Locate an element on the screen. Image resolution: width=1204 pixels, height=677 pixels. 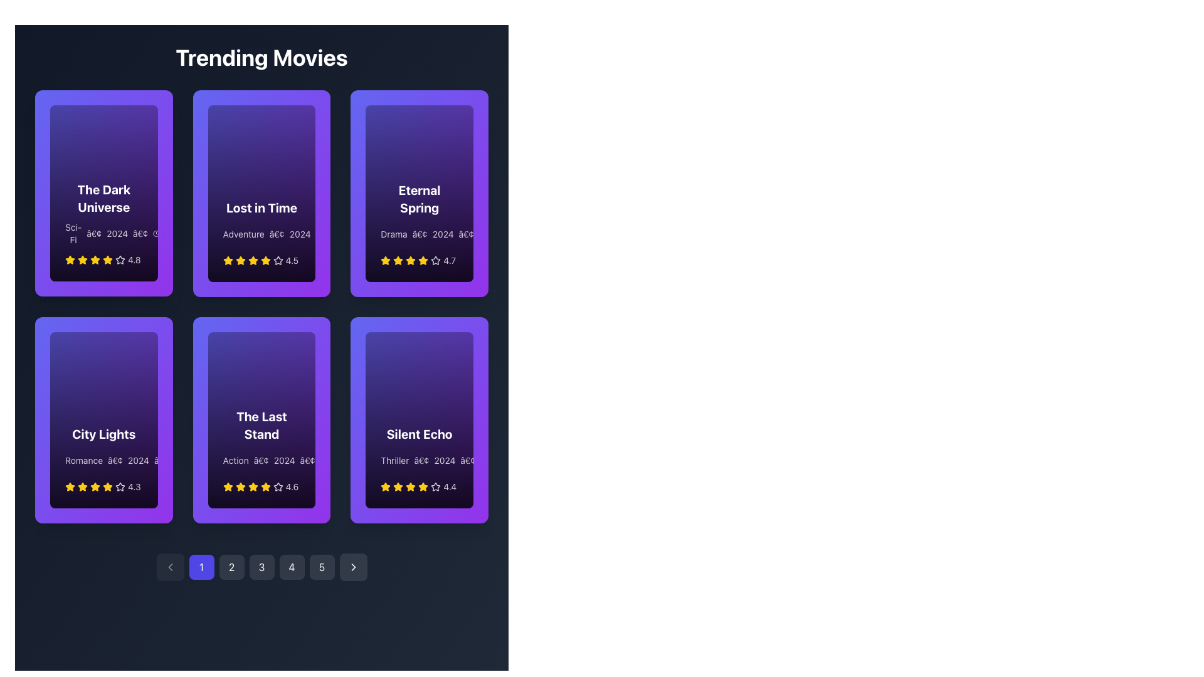
the 'City Lights' text label, which is a bold and large white title positioned at the upper portion of the movie card in the fourth column of the 'Trending Movies' grid layout is located at coordinates (103, 433).